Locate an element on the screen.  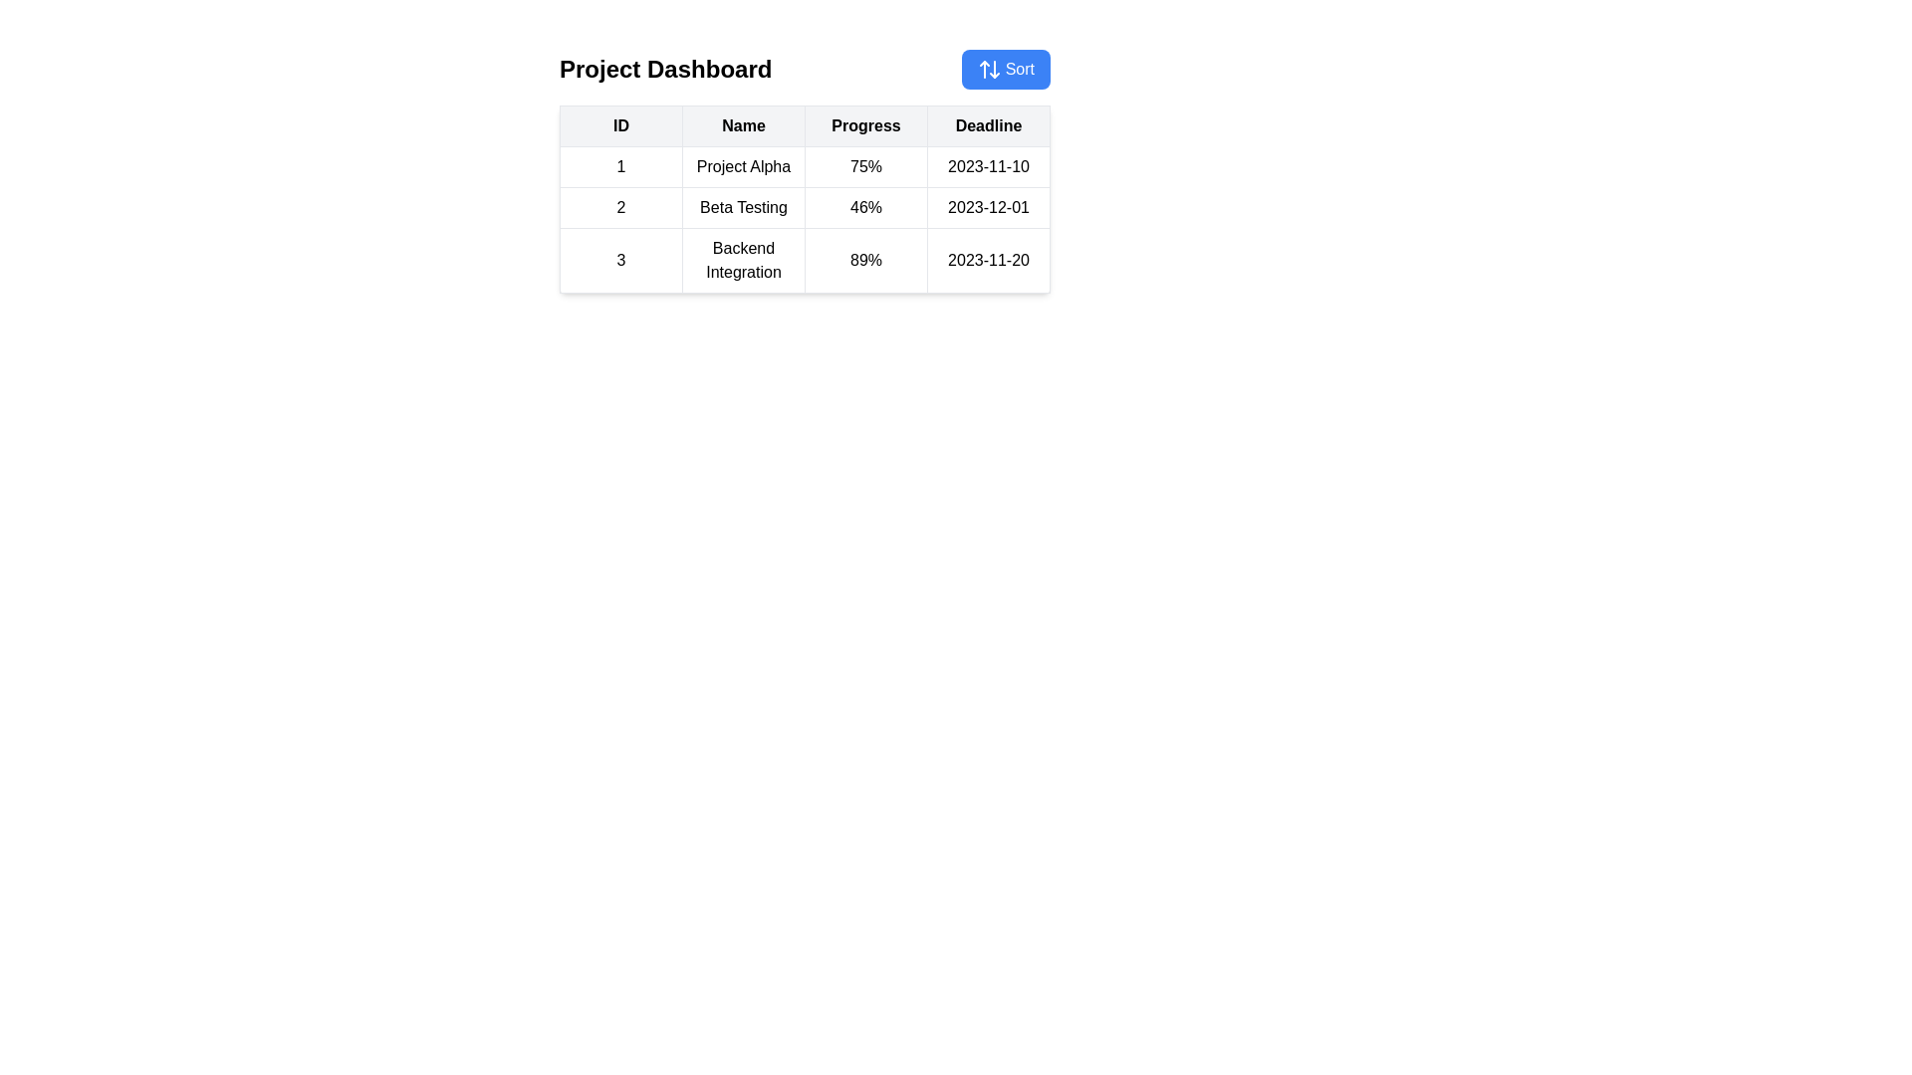
the bidirectional arrows SVG icon within the 'Sort' button is located at coordinates (989, 68).